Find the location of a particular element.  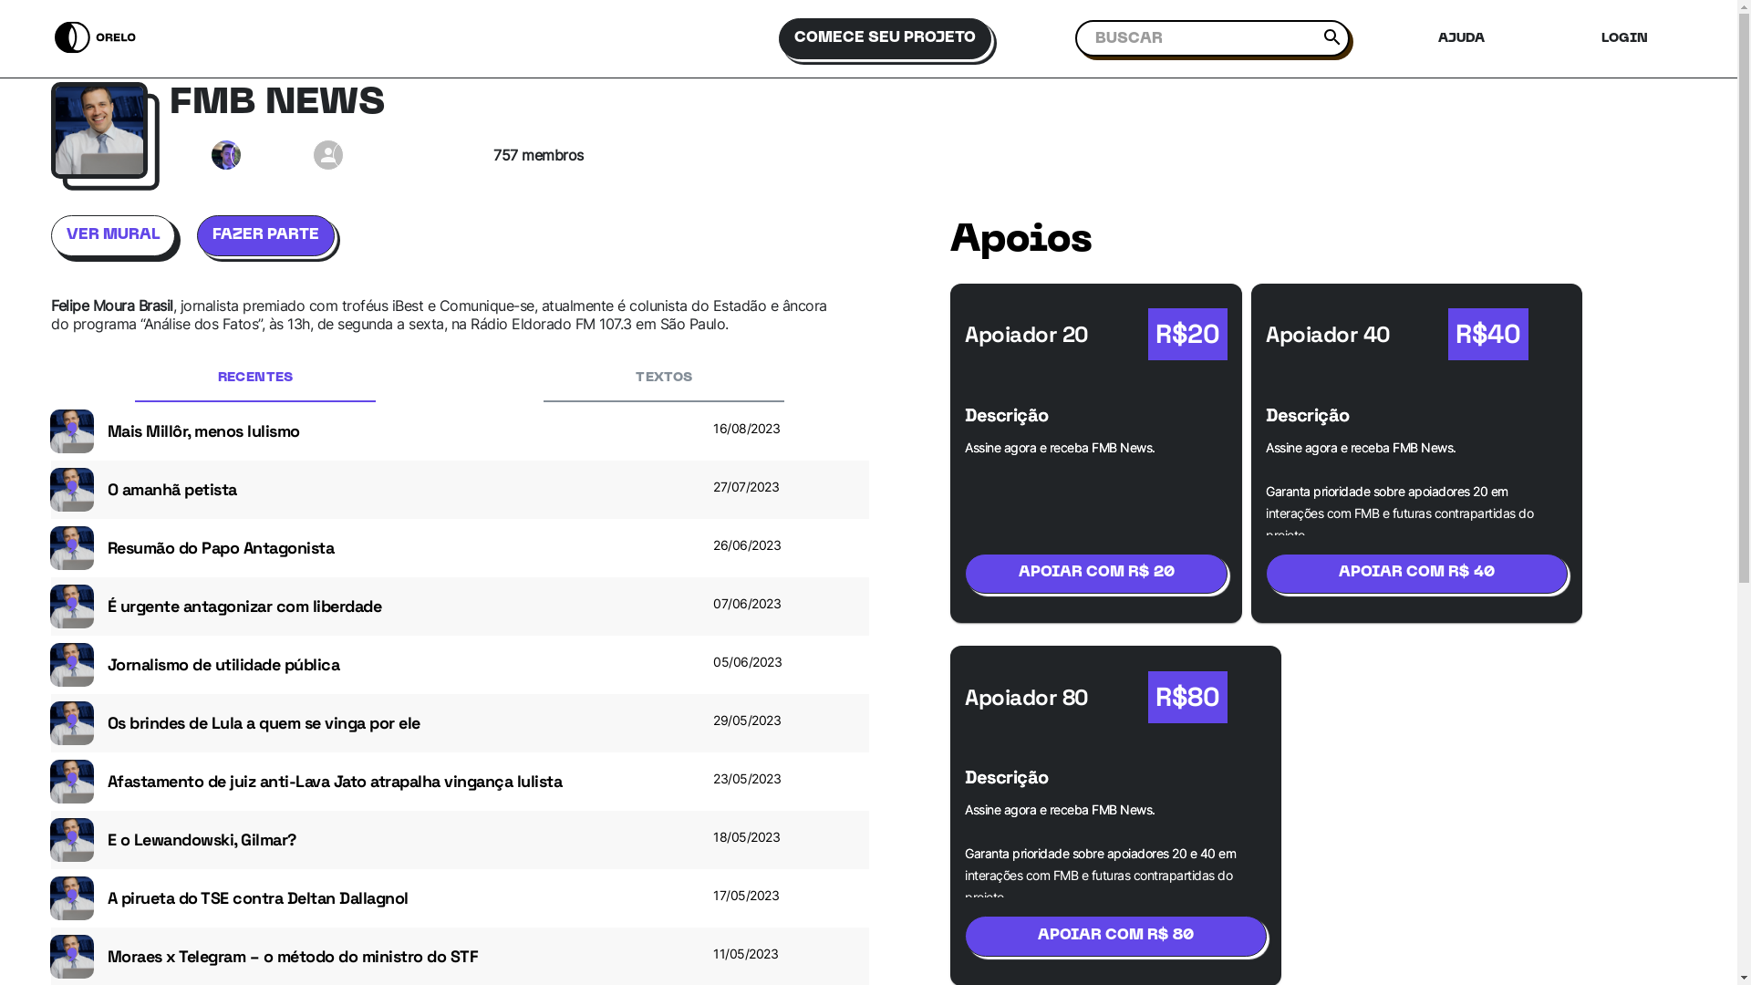

'COMECE SEU PROJETO' is located at coordinates (892, 38).